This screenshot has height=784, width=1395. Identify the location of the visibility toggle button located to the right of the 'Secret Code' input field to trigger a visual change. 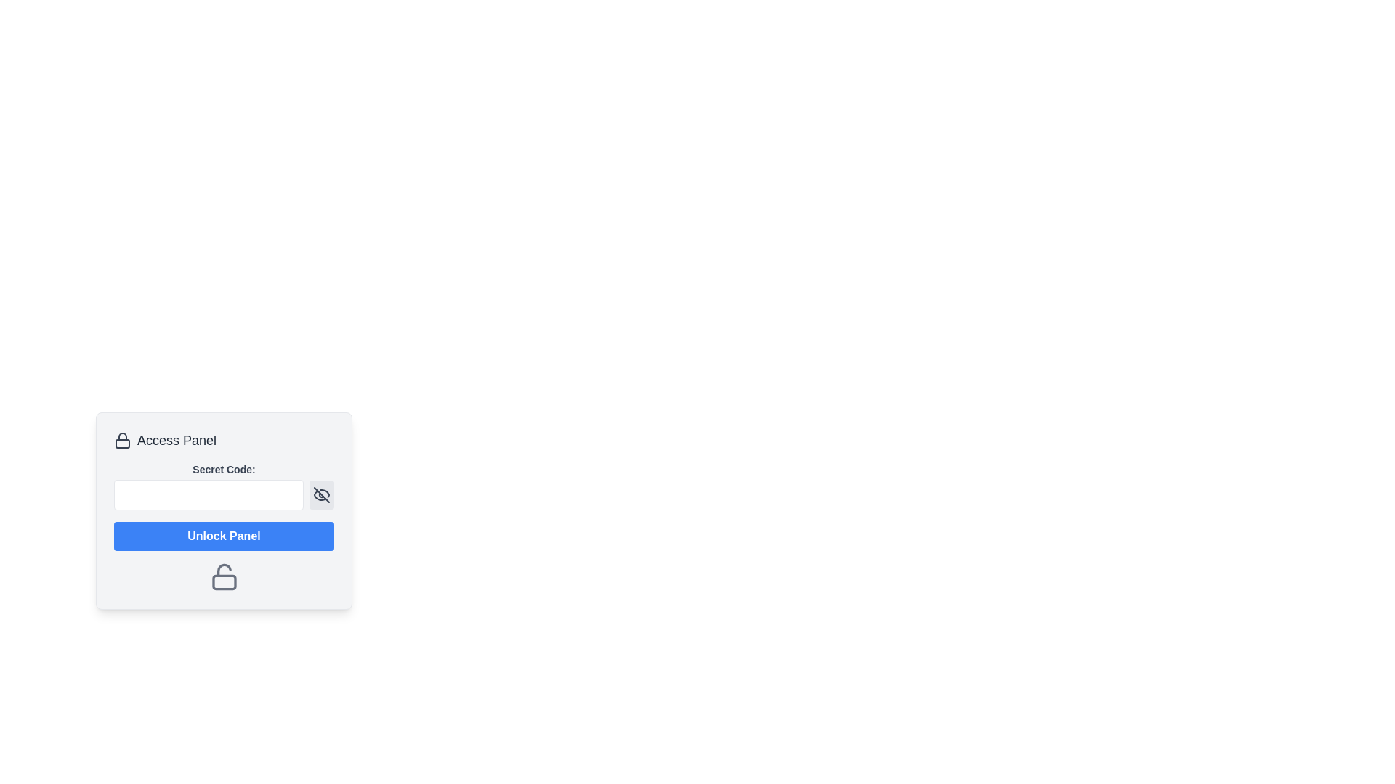
(320, 494).